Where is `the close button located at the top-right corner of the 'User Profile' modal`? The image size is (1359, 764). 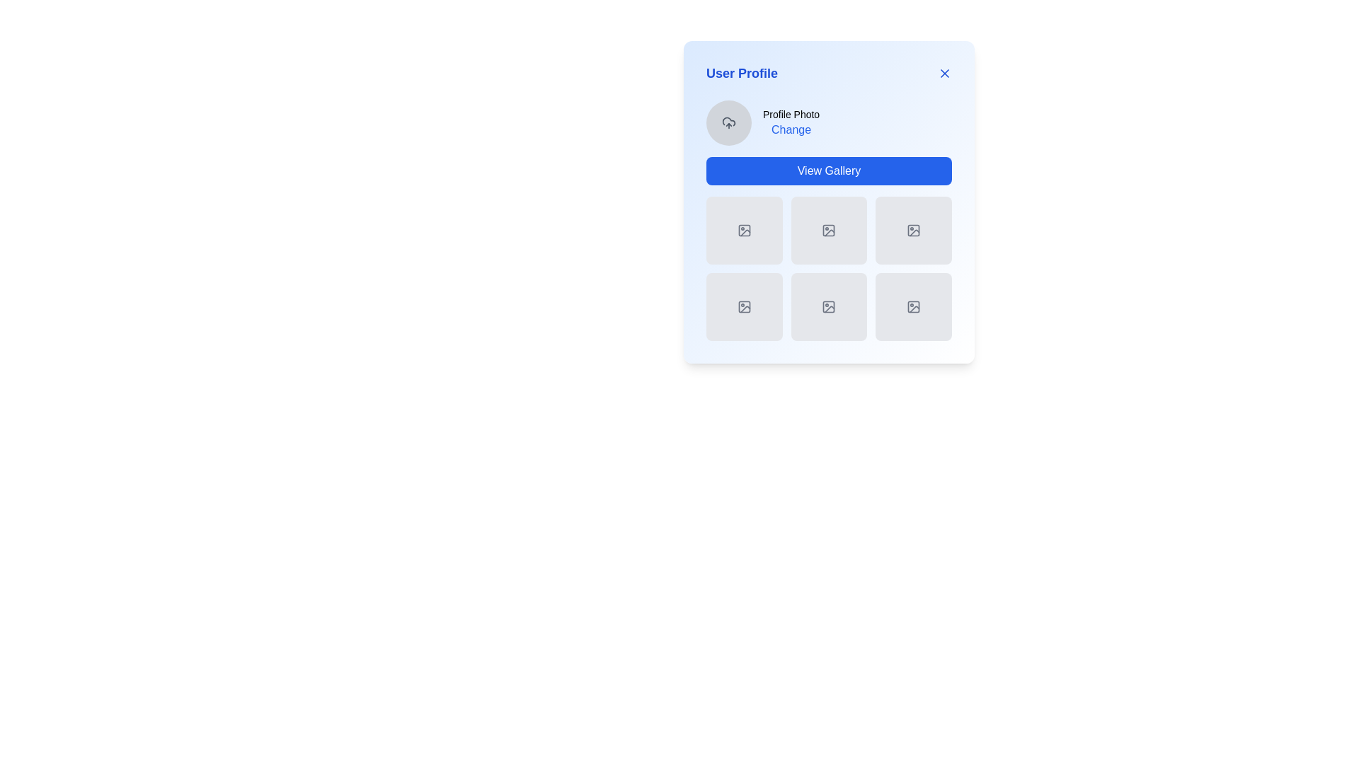
the close button located at the top-right corner of the 'User Profile' modal is located at coordinates (944, 74).